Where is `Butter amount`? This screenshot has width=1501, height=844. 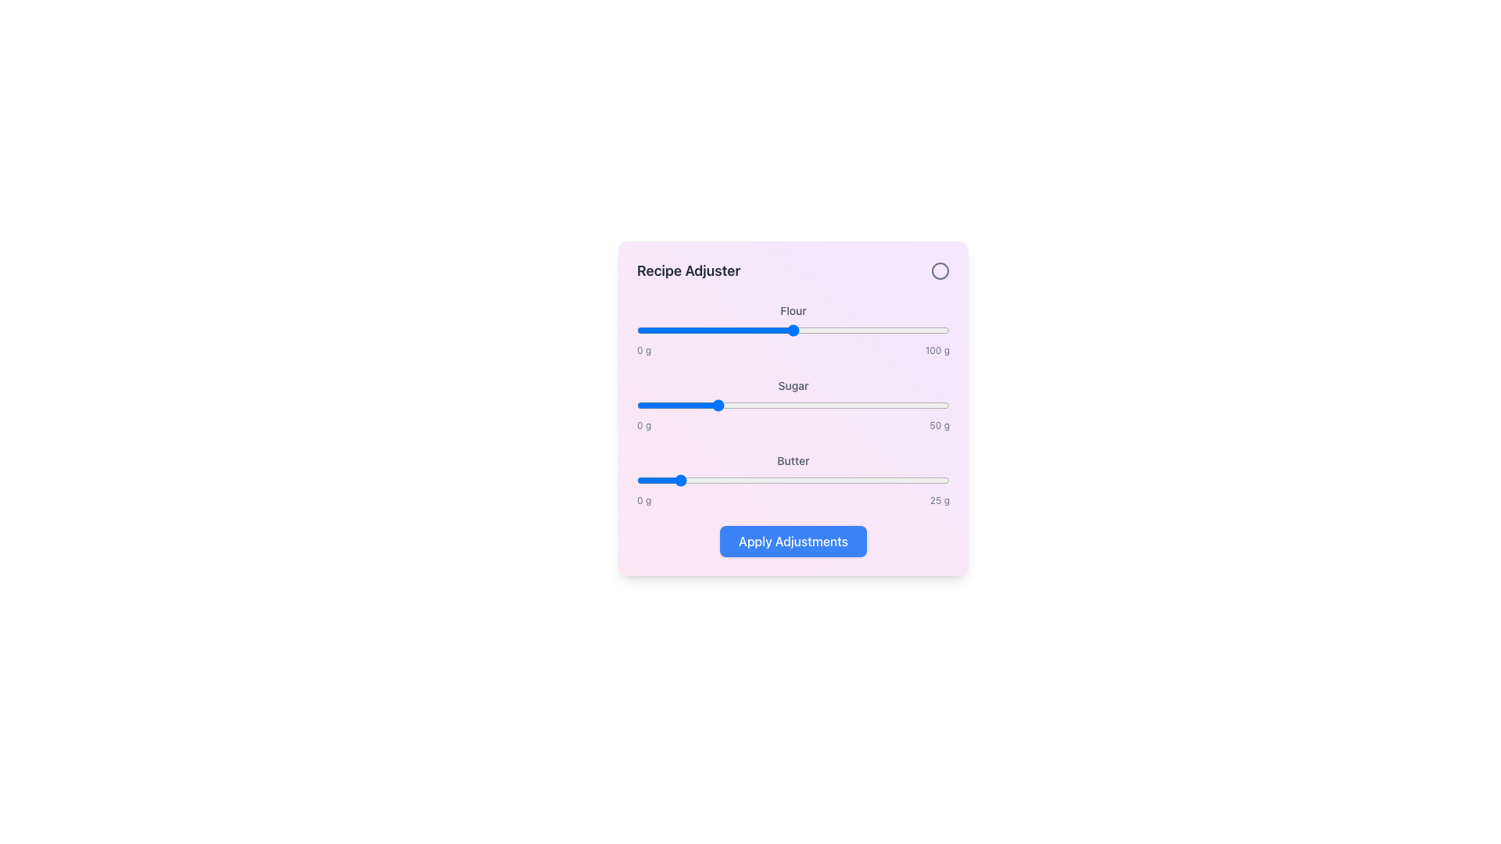 Butter amount is located at coordinates (742, 479).